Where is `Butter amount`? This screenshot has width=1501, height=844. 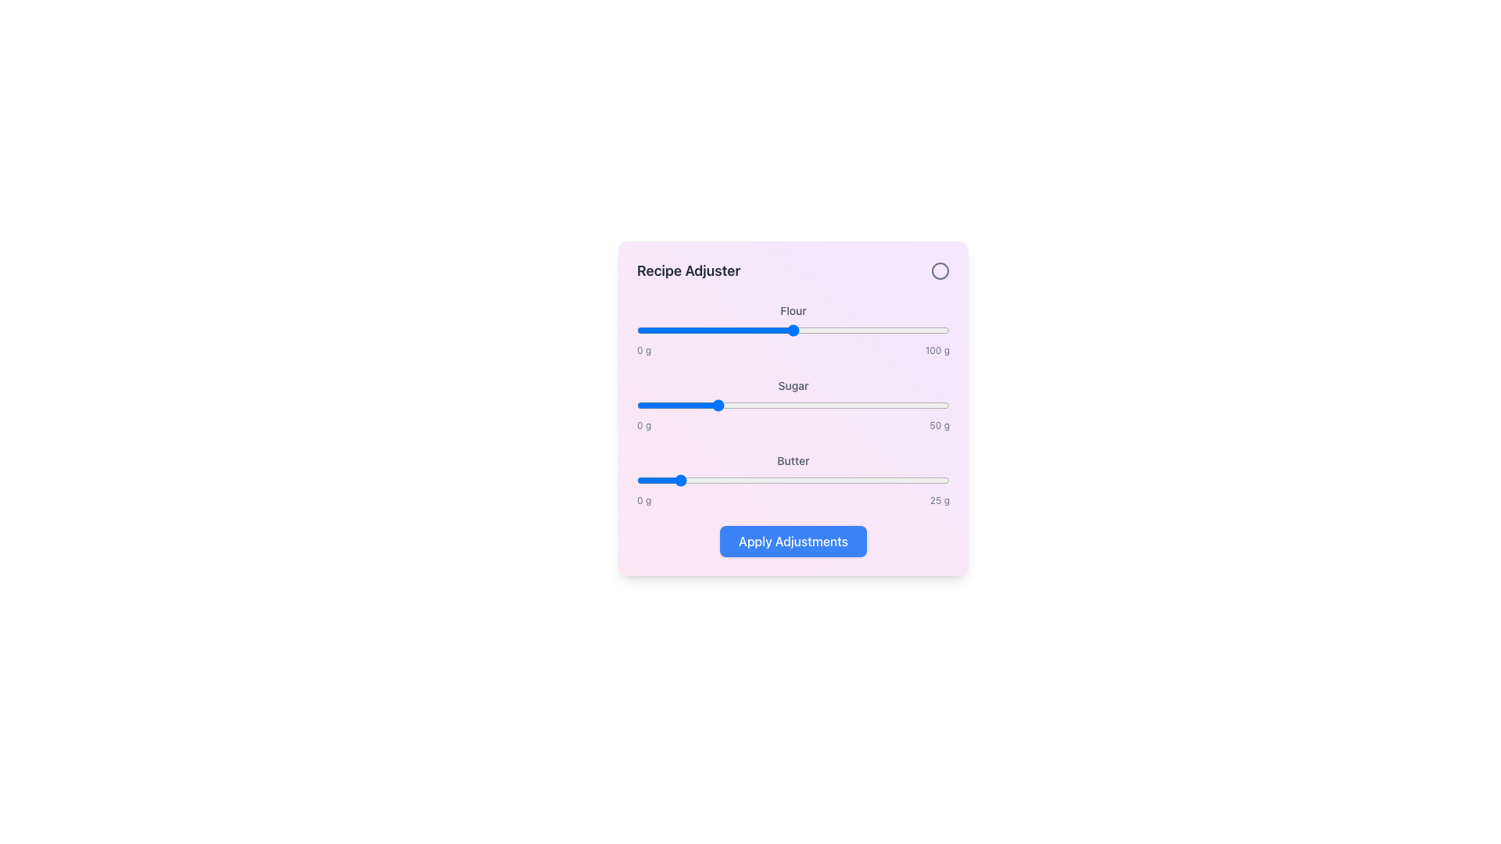 Butter amount is located at coordinates (742, 479).